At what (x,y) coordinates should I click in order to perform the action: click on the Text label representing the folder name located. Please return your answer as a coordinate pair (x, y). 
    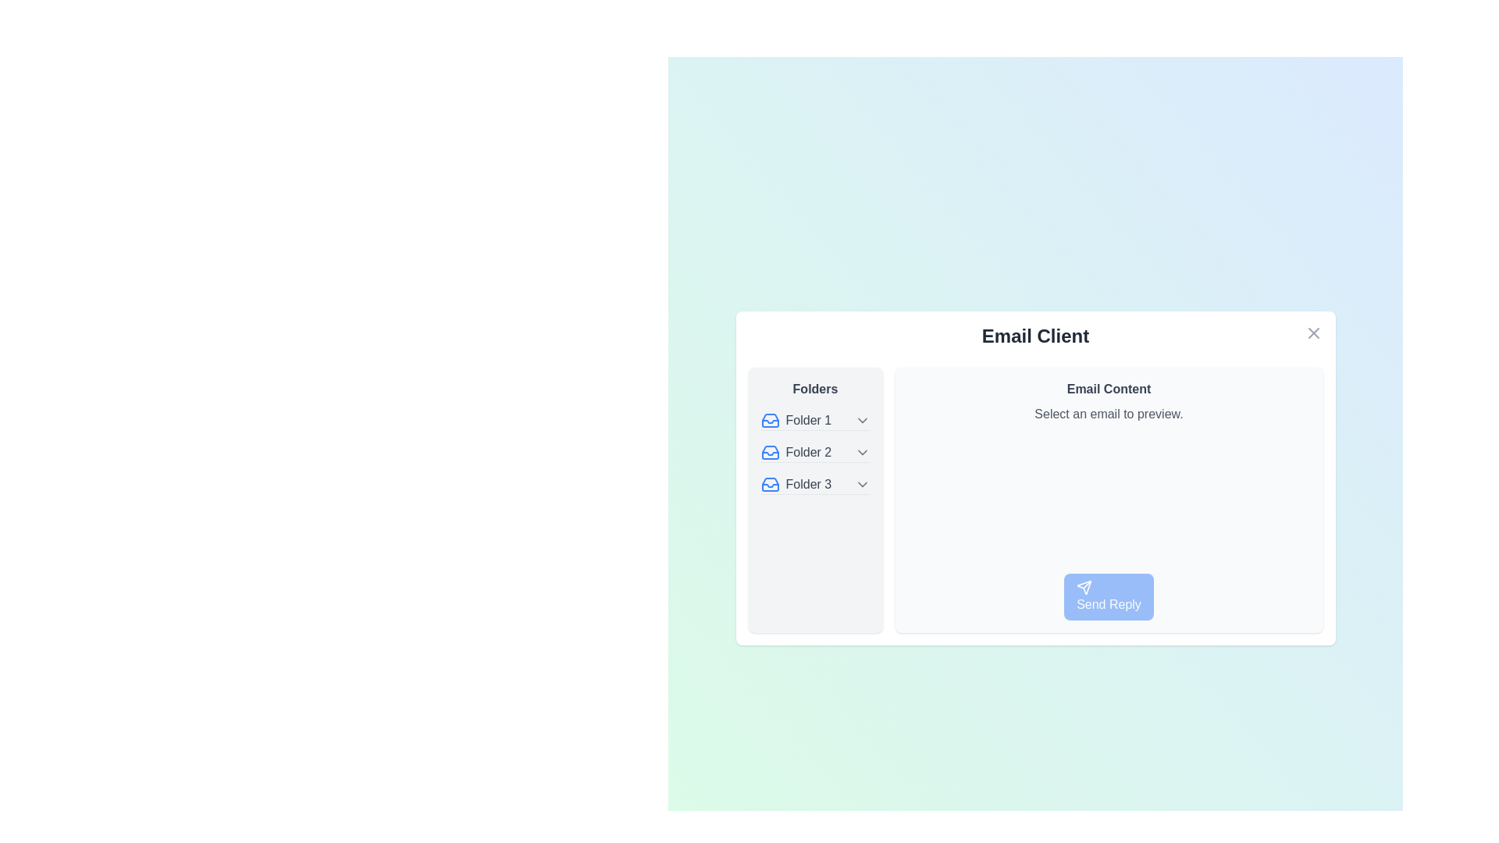
    Looking at the image, I should click on (808, 452).